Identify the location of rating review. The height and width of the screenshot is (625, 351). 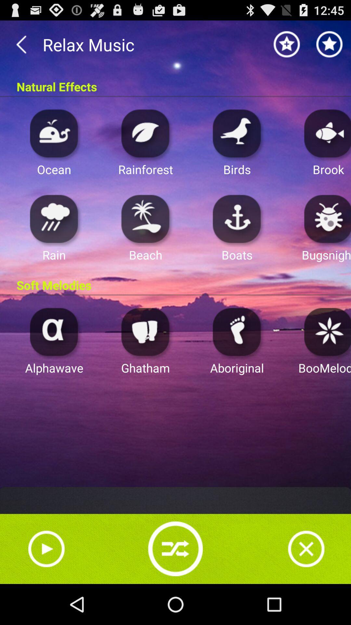
(287, 44).